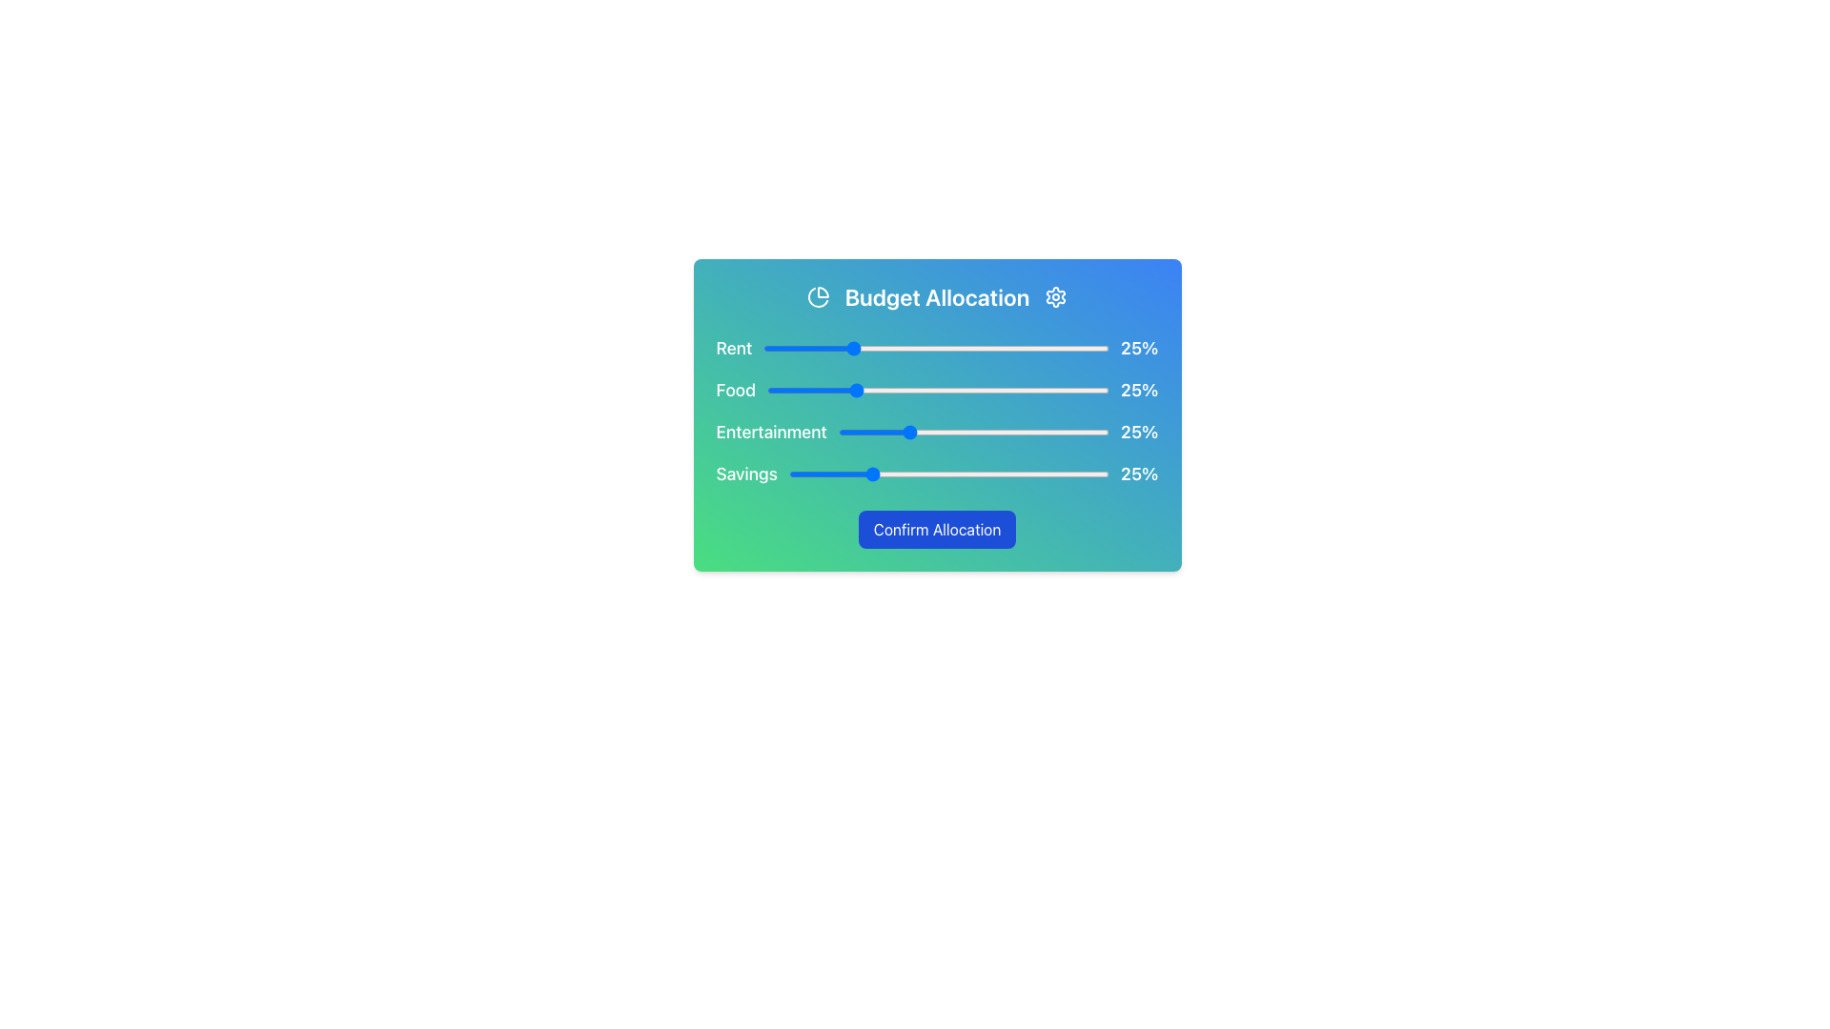  Describe the element at coordinates (1093, 473) in the screenshot. I see `the Savings slider` at that location.